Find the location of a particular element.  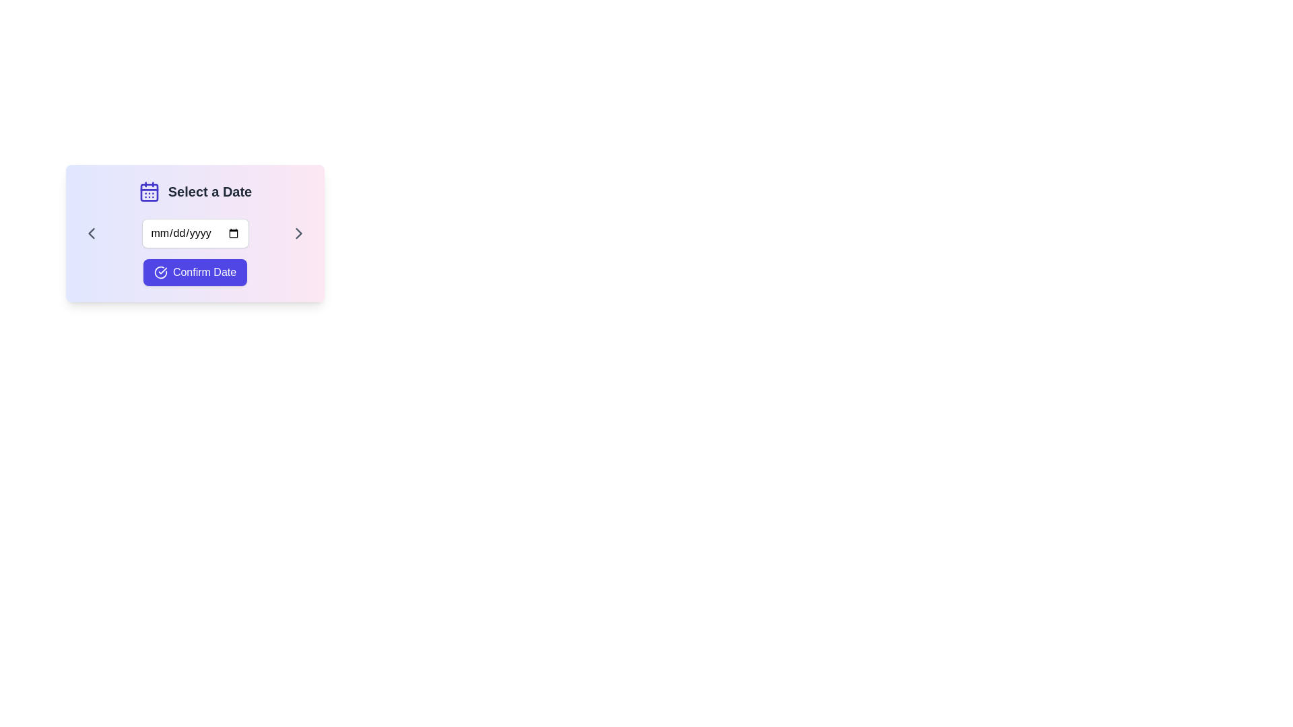

the left-pointing chevron SVG icon located in the selection dialog box, adjacent to the 'Select a Date' text is located at coordinates (90, 233).